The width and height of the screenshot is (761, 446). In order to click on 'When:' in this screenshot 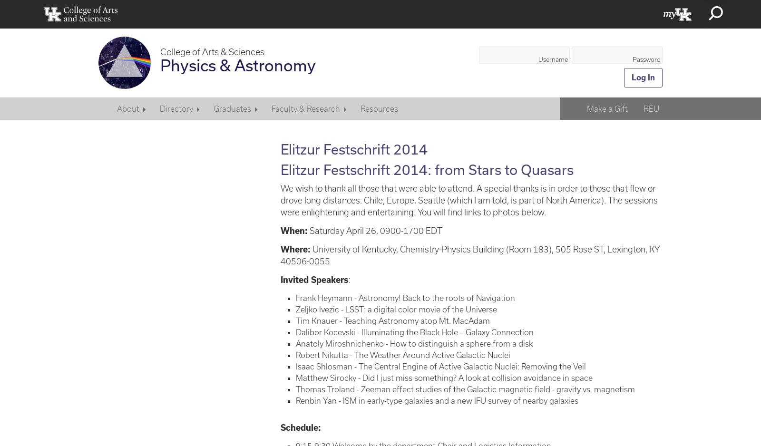, I will do `click(294, 230)`.